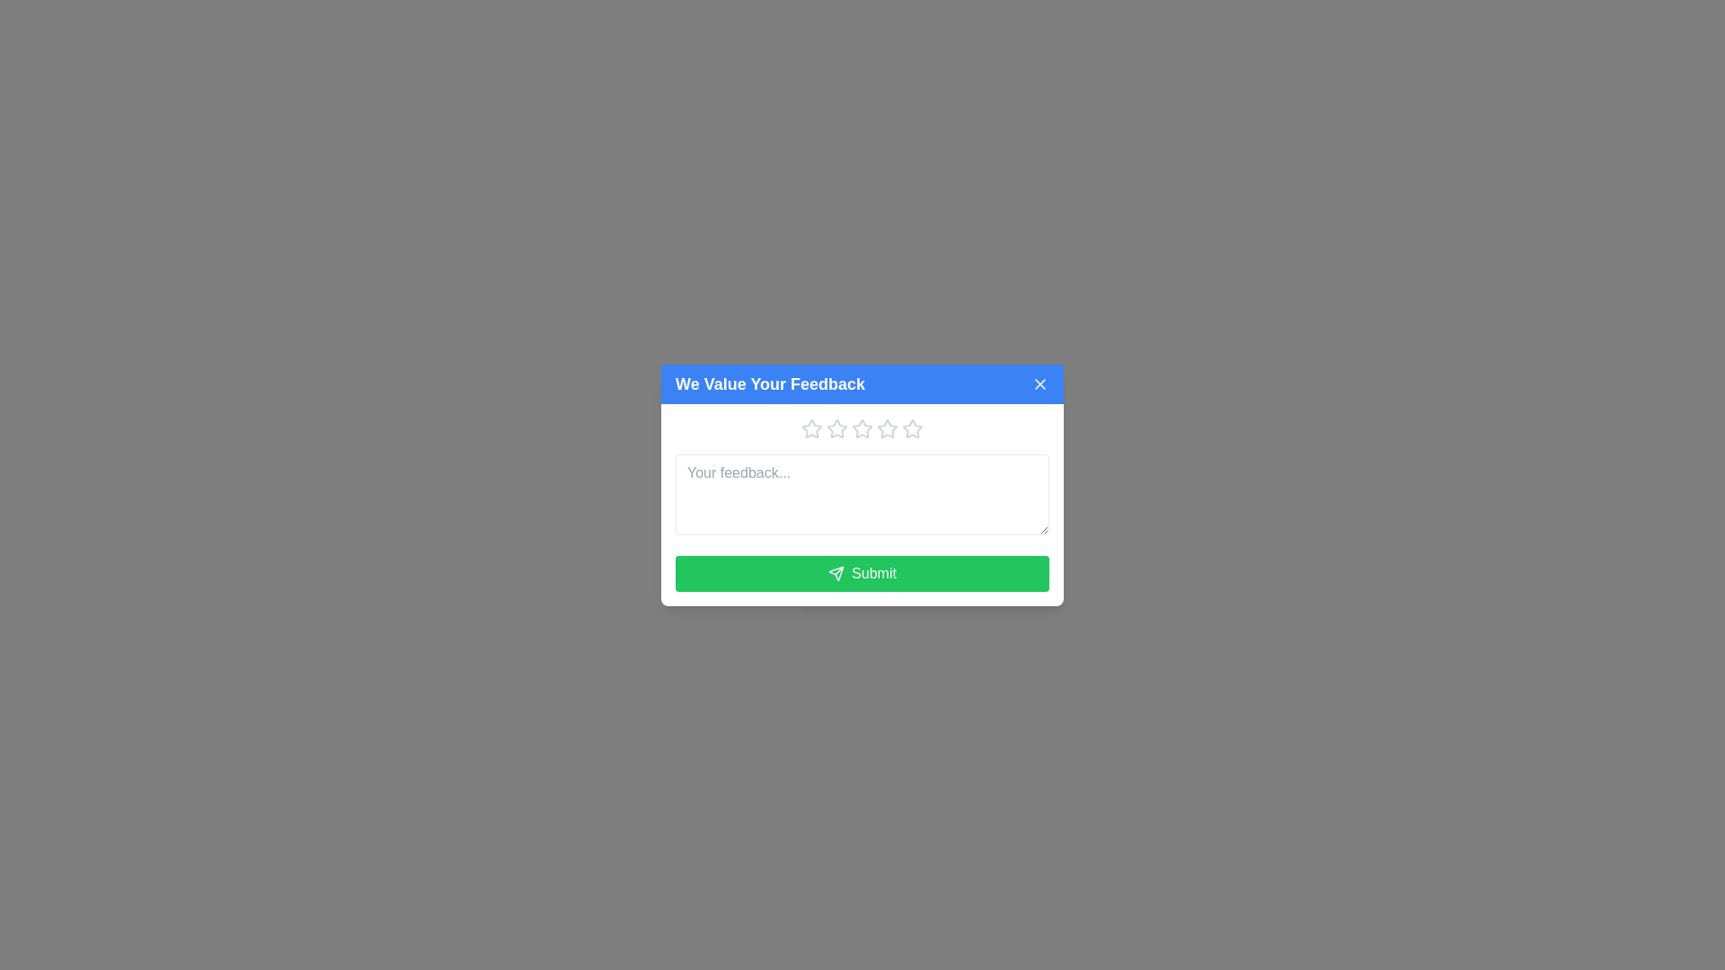 Image resolution: width=1725 pixels, height=970 pixels. I want to click on the 'Submit' button with a green background and white text located at the bottom of the modal, so click(862, 572).